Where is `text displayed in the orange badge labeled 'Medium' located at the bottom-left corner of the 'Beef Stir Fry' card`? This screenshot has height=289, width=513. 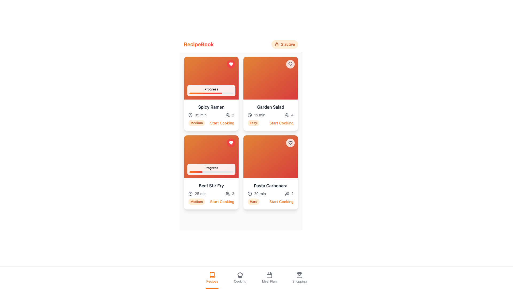 text displayed in the orange badge labeled 'Medium' located at the bottom-left corner of the 'Beef Stir Fry' card is located at coordinates (196, 201).